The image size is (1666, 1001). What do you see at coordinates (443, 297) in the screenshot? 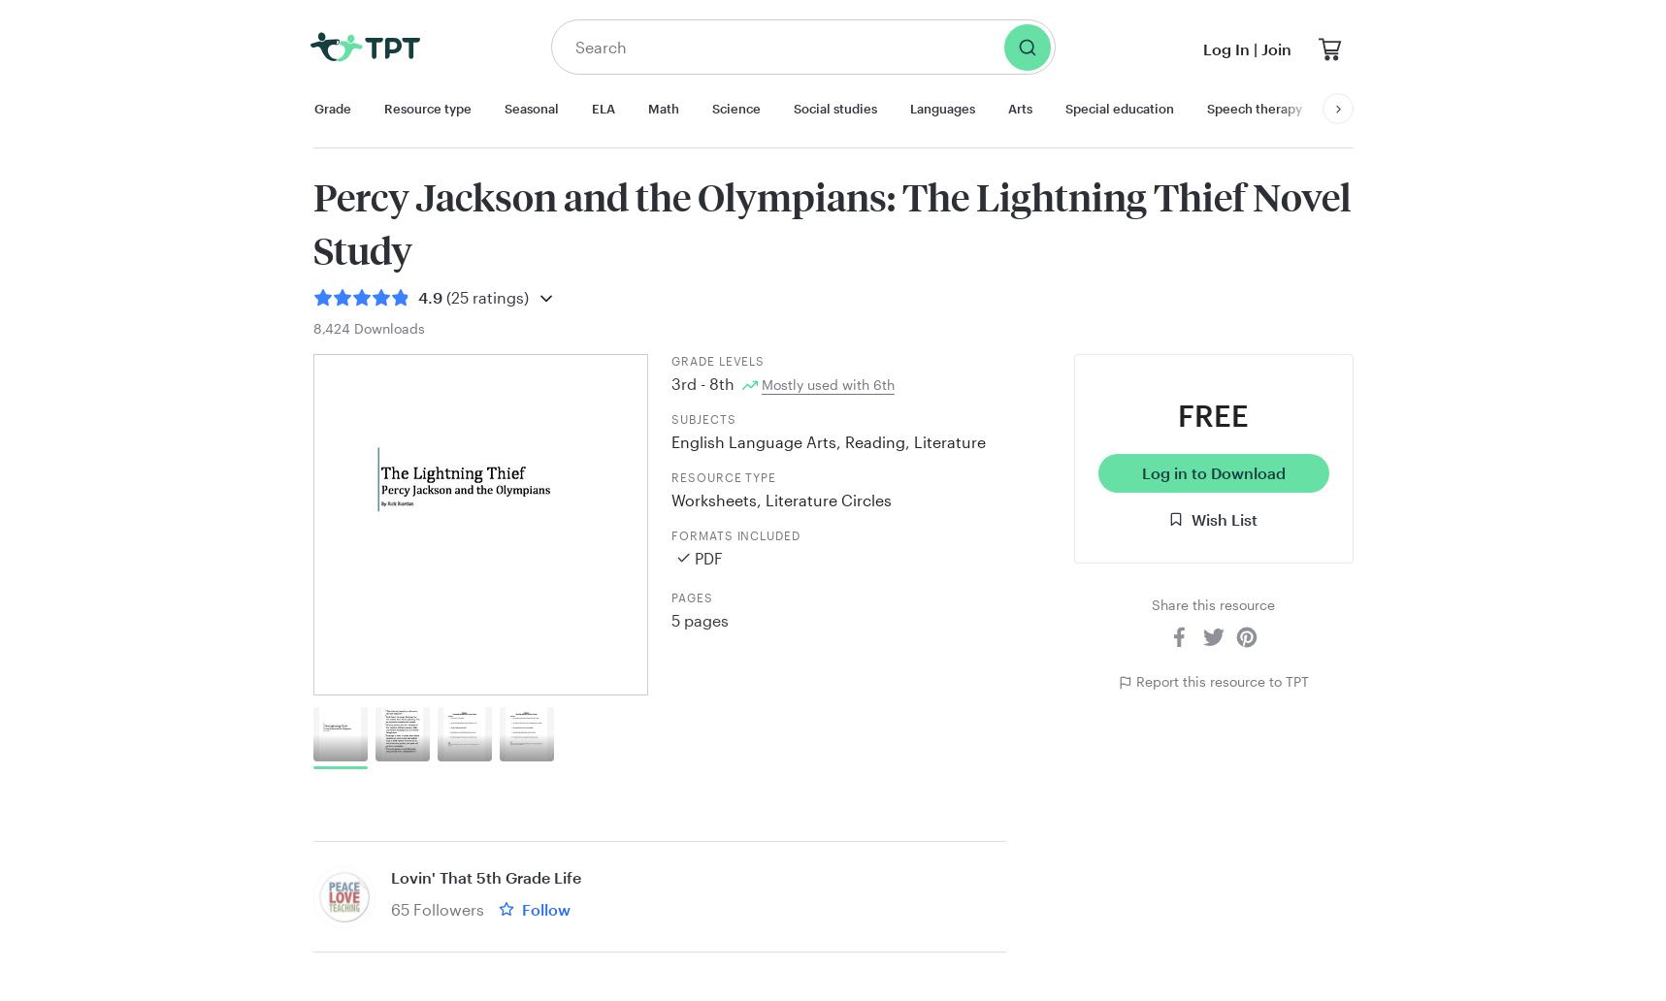
I see `'('` at bounding box center [443, 297].